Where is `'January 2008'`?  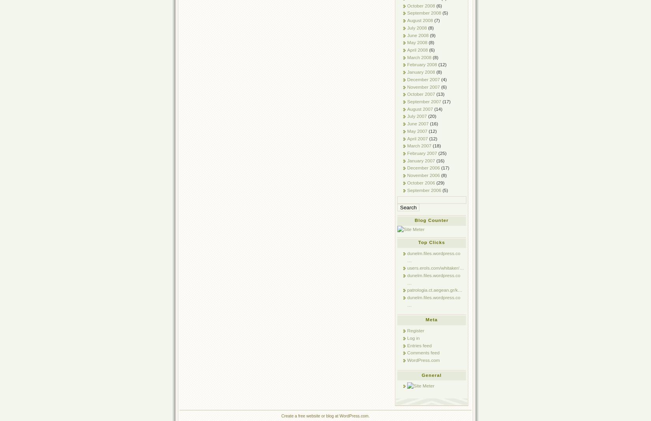 'January 2008' is located at coordinates (421, 72).